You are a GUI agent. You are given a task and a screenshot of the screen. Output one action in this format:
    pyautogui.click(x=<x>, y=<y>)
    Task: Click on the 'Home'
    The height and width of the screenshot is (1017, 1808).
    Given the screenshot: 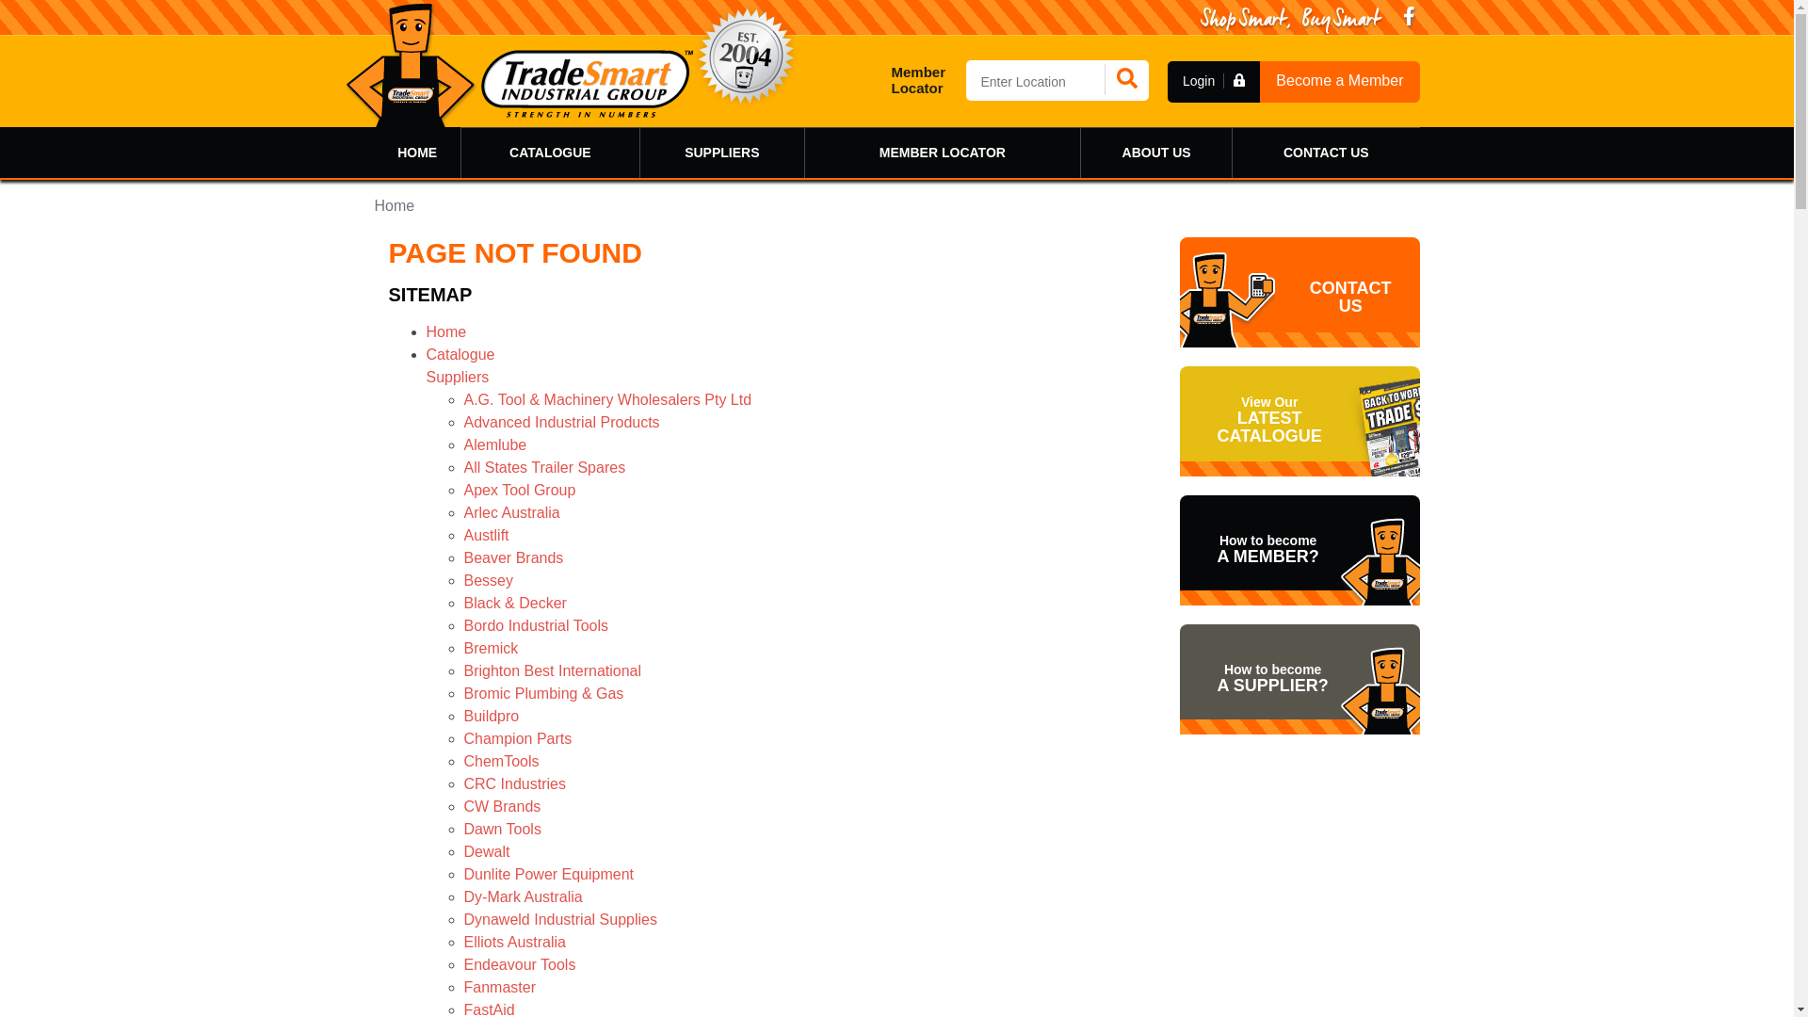 What is the action you would take?
    pyautogui.click(x=394, y=205)
    